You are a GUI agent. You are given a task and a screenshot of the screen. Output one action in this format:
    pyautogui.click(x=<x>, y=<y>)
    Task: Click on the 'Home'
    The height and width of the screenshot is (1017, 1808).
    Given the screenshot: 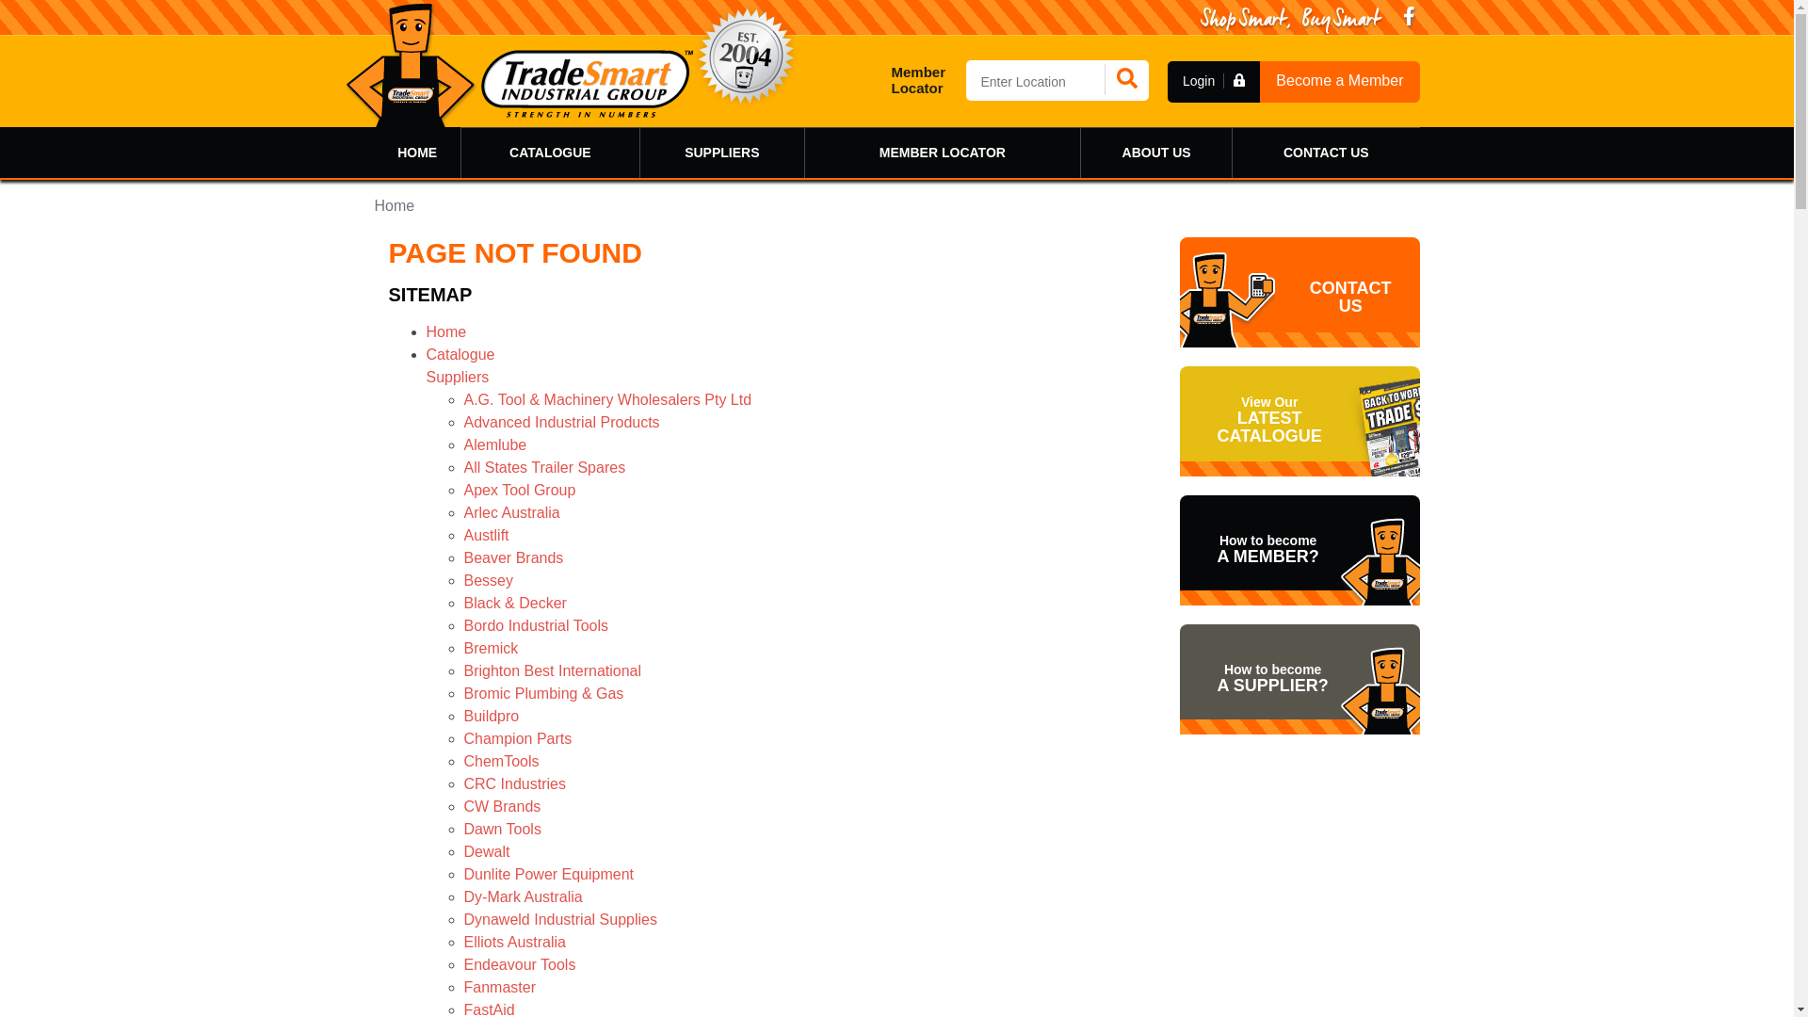 What is the action you would take?
    pyautogui.click(x=394, y=205)
    